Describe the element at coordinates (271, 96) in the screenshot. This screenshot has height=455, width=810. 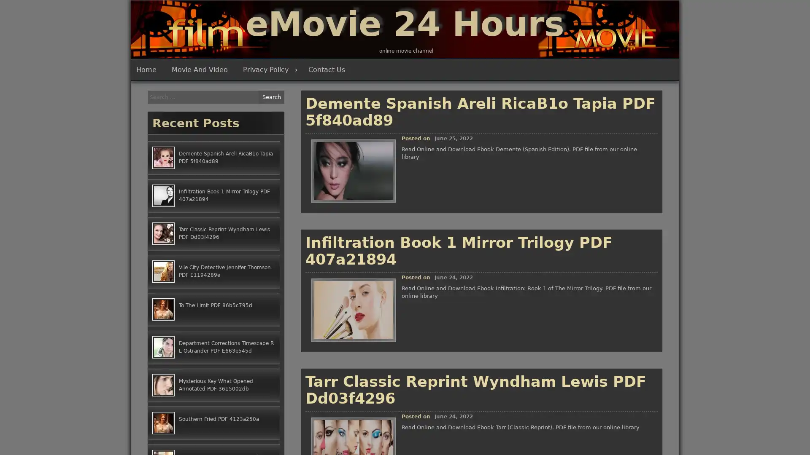
I see `Search` at that location.